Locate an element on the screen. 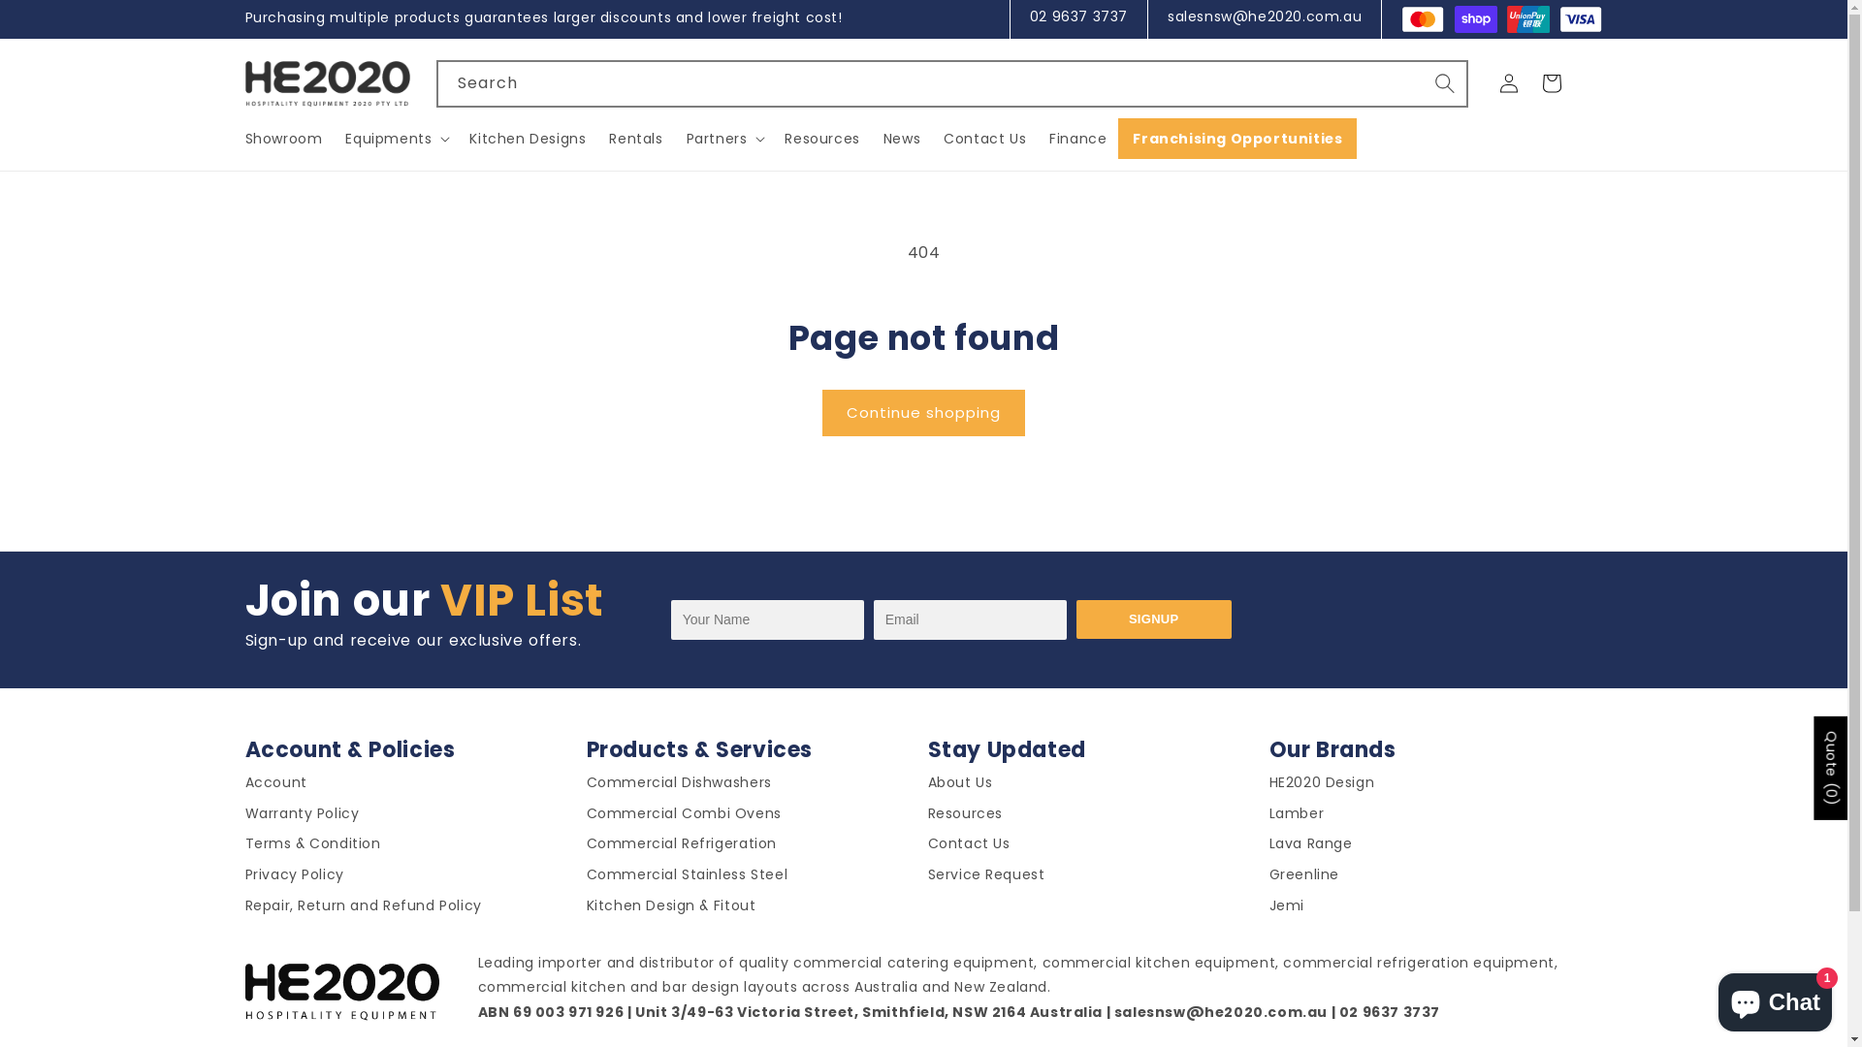 This screenshot has height=1047, width=1862. 'Service Request' is located at coordinates (925, 878).